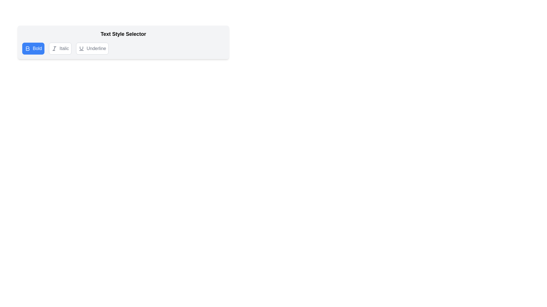 The width and height of the screenshot is (547, 307). Describe the element at coordinates (81, 48) in the screenshot. I see `the 'Underline' button represented by an SVG icon in the text style selector to apply underline styling to the selected text` at that location.